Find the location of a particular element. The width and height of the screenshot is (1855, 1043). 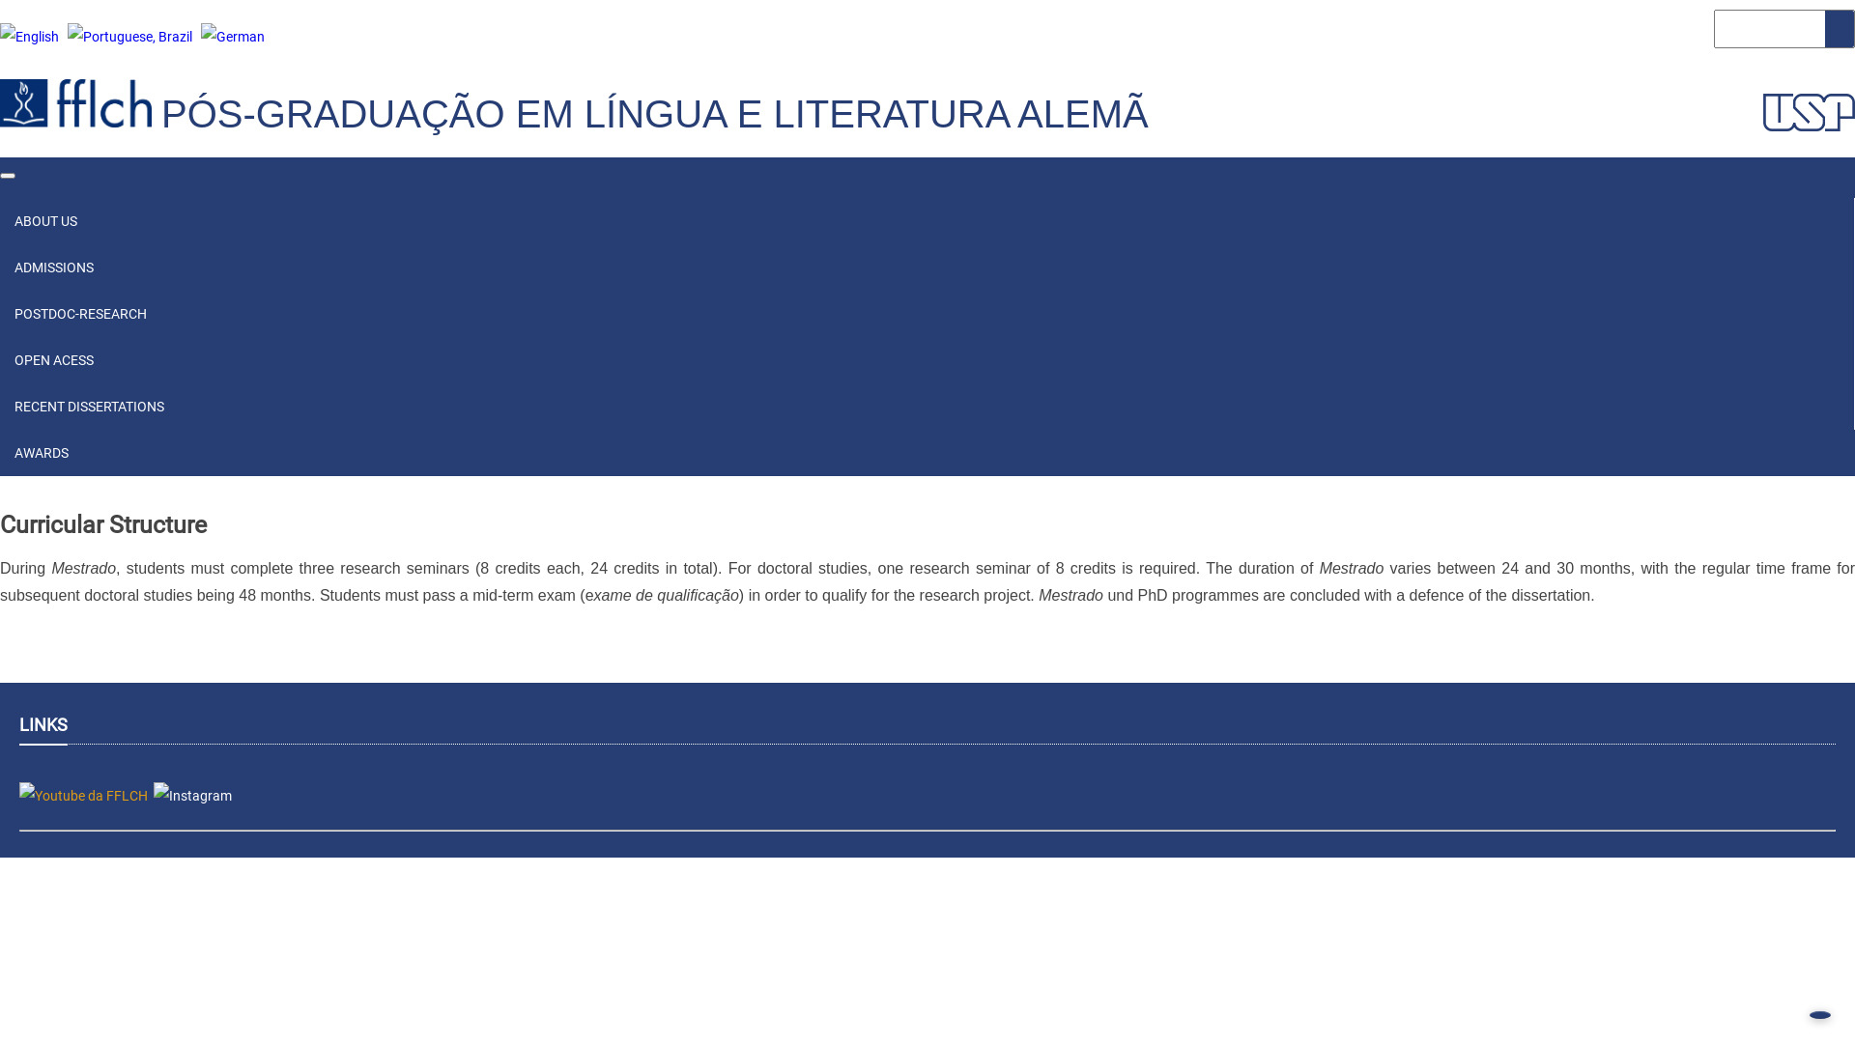

'ABOUT US' is located at coordinates (45, 219).